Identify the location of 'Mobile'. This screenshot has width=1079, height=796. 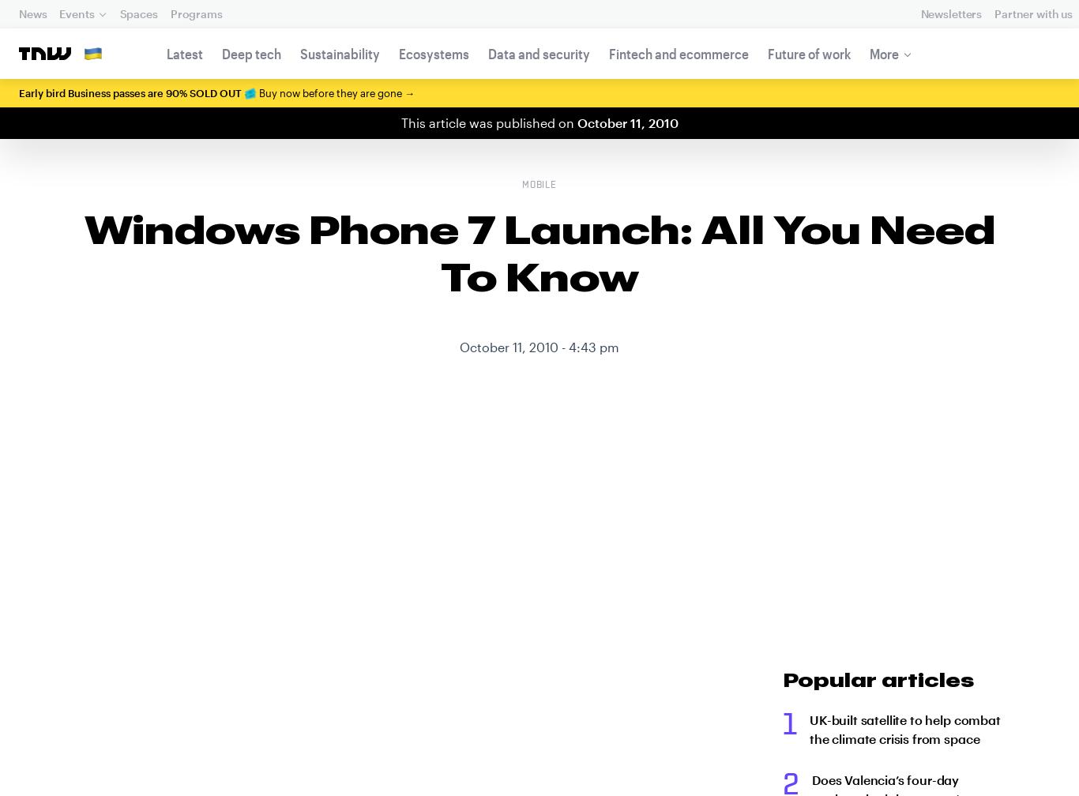
(538, 185).